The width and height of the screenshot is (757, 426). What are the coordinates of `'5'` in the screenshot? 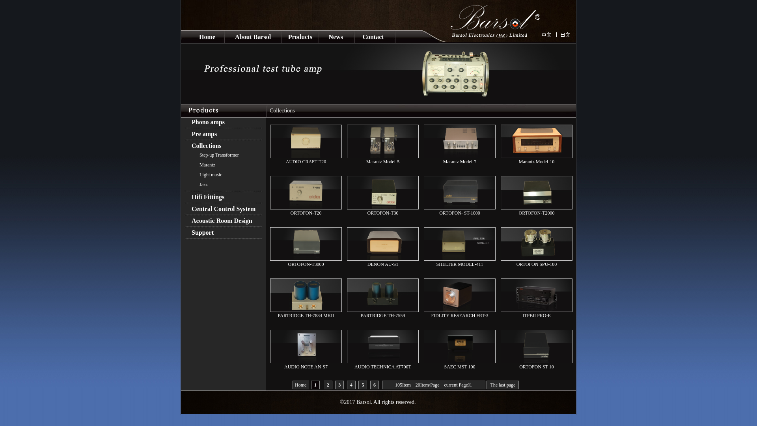 It's located at (362, 384).